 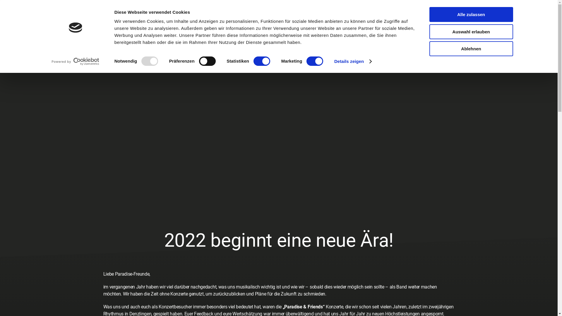 What do you see at coordinates (334, 61) in the screenshot?
I see `'Details zeigen'` at bounding box center [334, 61].